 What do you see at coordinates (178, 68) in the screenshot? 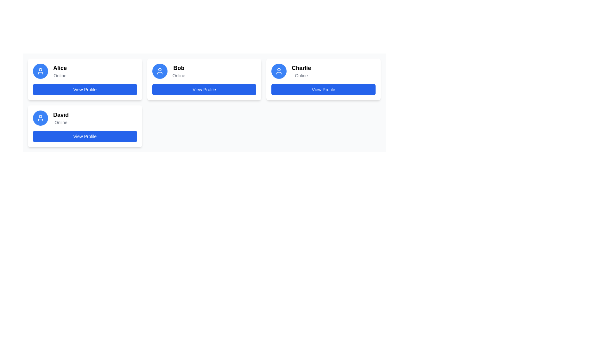
I see `the static text label displaying the profile name 'Bob', located above the 'Online' text in the profile tile` at bounding box center [178, 68].